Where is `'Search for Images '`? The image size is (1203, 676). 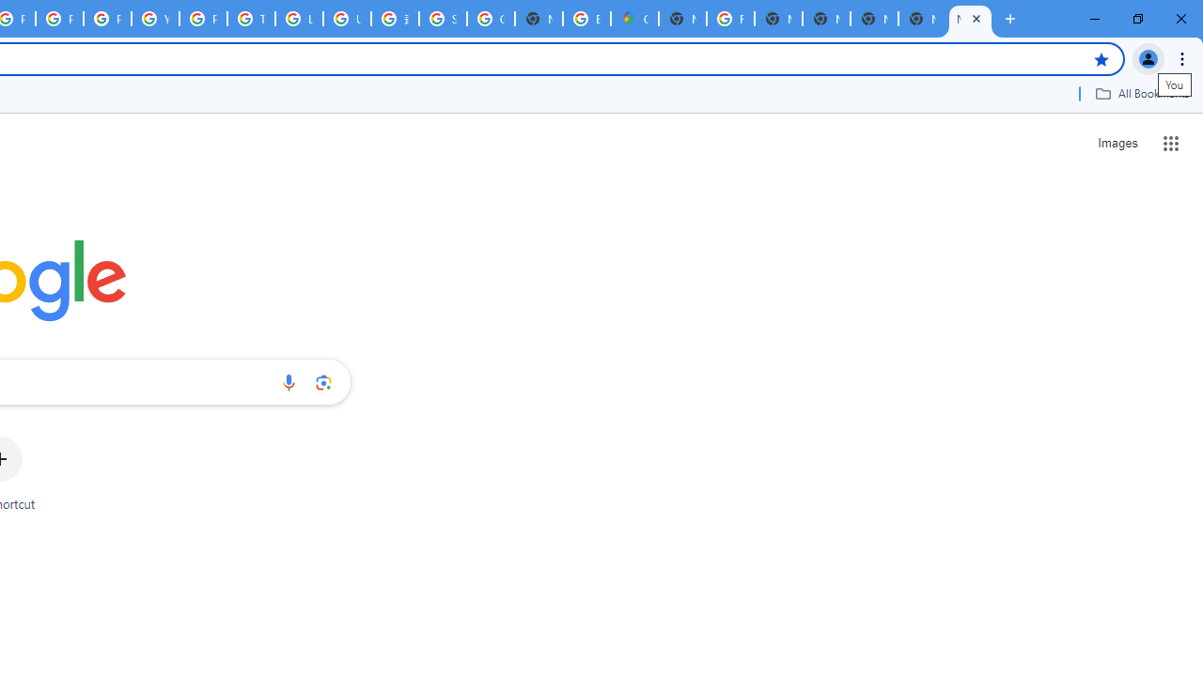
'Search for Images ' is located at coordinates (1117, 143).